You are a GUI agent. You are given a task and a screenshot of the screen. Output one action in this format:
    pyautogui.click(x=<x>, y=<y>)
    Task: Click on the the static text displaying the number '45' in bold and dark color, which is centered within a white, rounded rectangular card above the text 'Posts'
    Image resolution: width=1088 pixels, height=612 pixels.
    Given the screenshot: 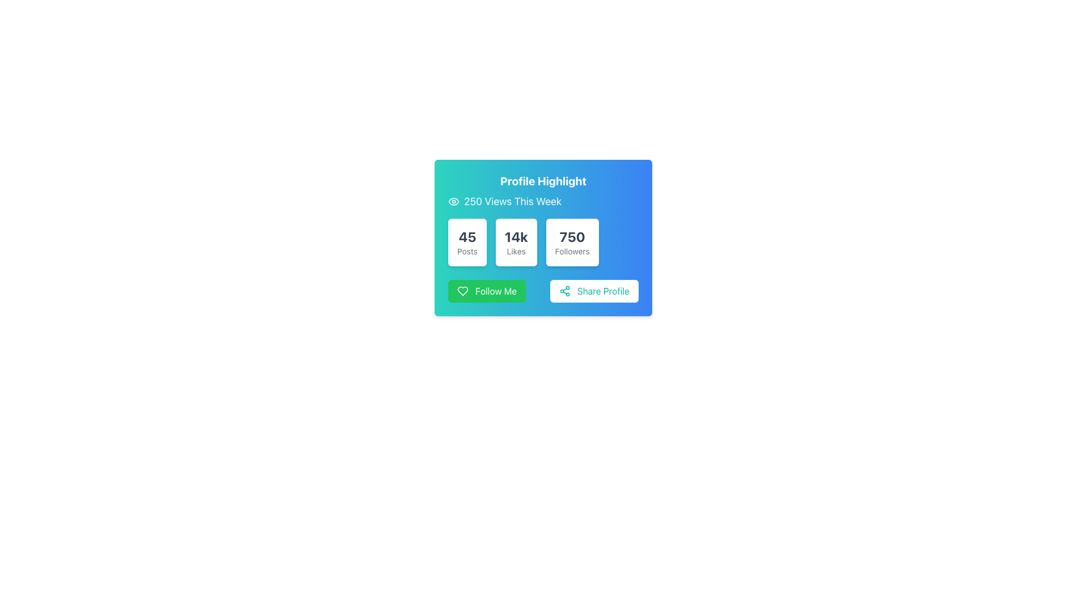 What is the action you would take?
    pyautogui.click(x=467, y=236)
    